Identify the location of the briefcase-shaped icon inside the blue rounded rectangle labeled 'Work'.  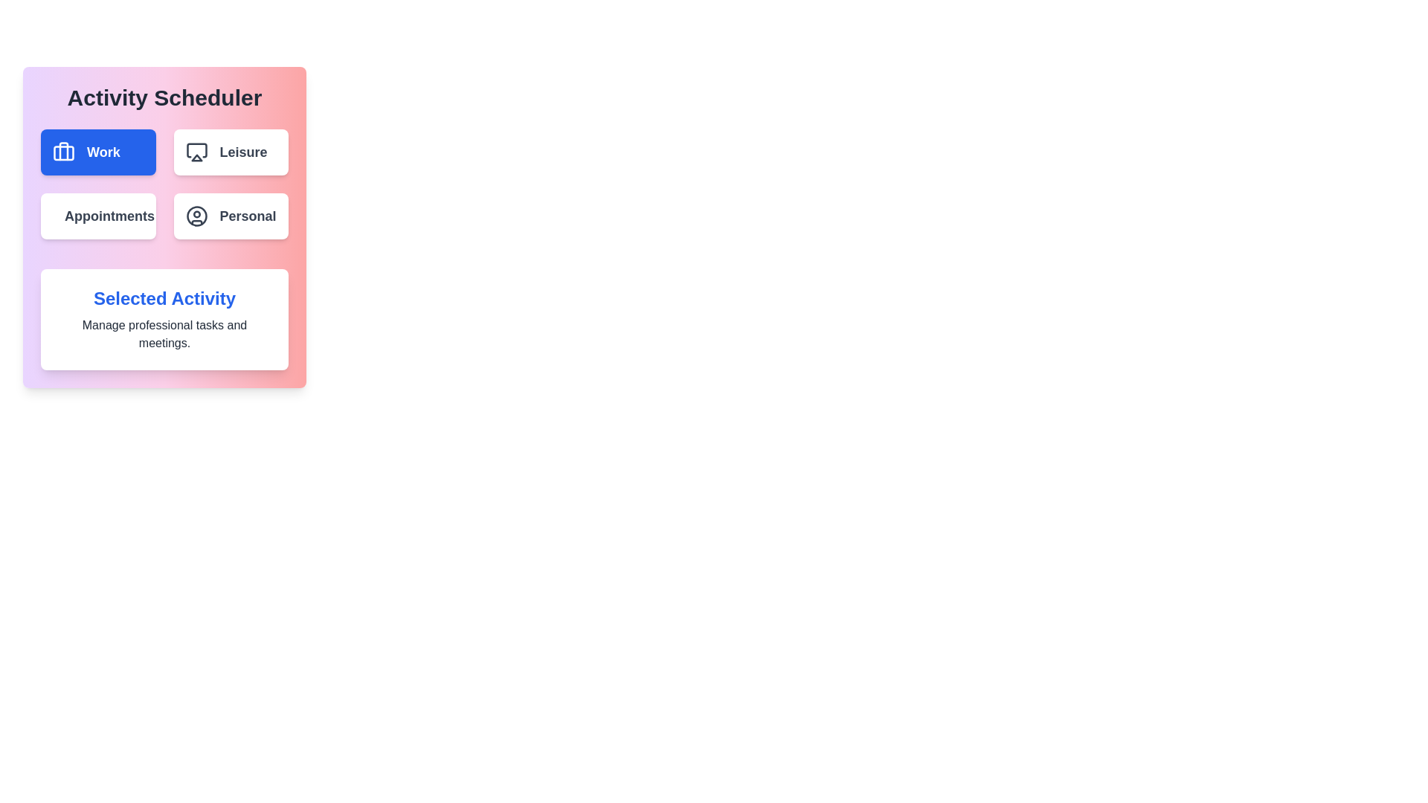
(63, 152).